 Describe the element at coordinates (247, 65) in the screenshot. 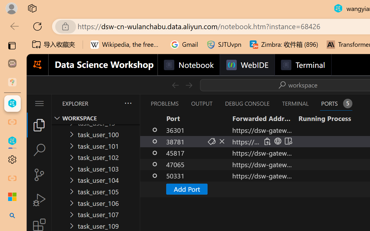

I see `'WebIDE'` at that location.